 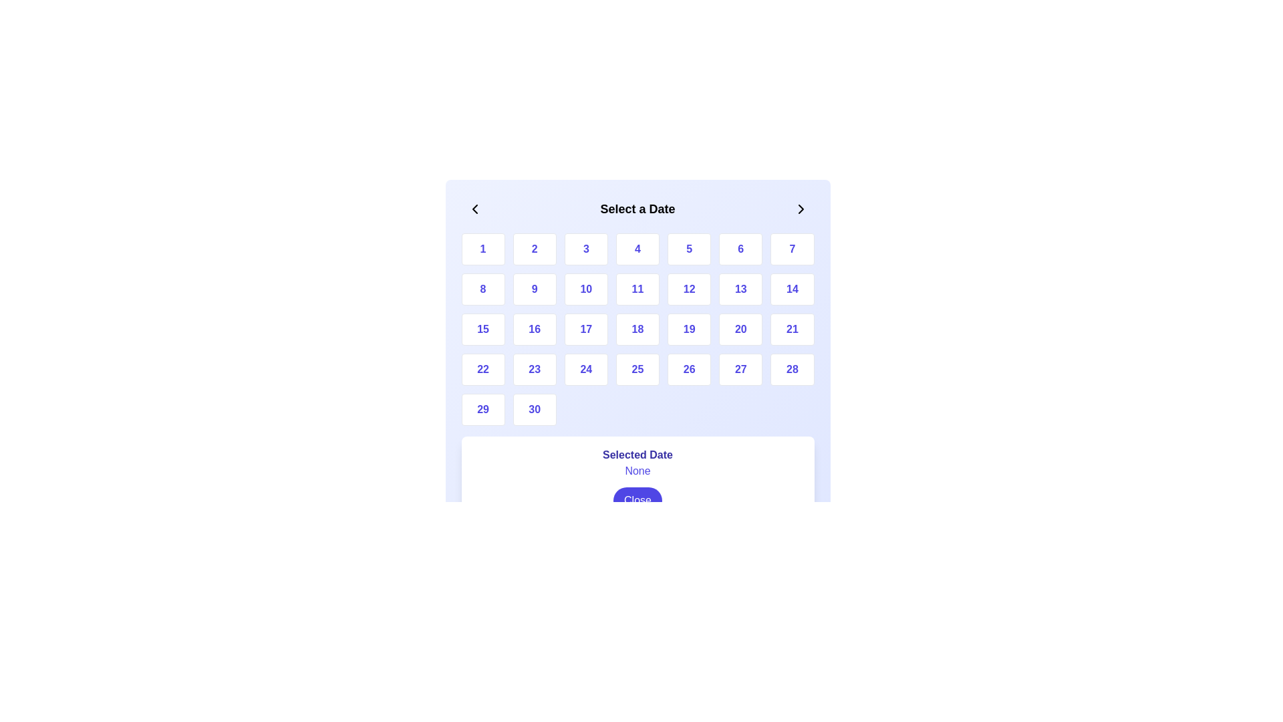 I want to click on the button that allows users to select the number '3', located in the first row and third column of a grid layout, to trigger the hover effect, so click(x=586, y=249).